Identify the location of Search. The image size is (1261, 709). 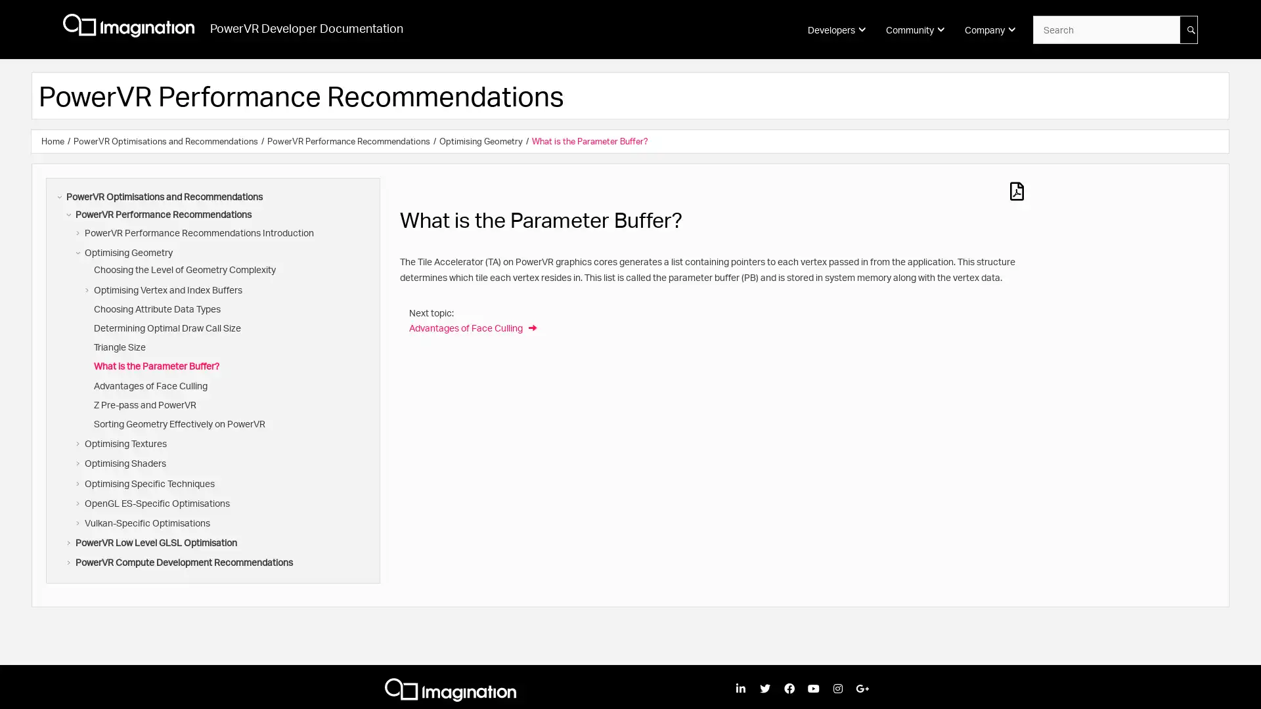
(1188, 29).